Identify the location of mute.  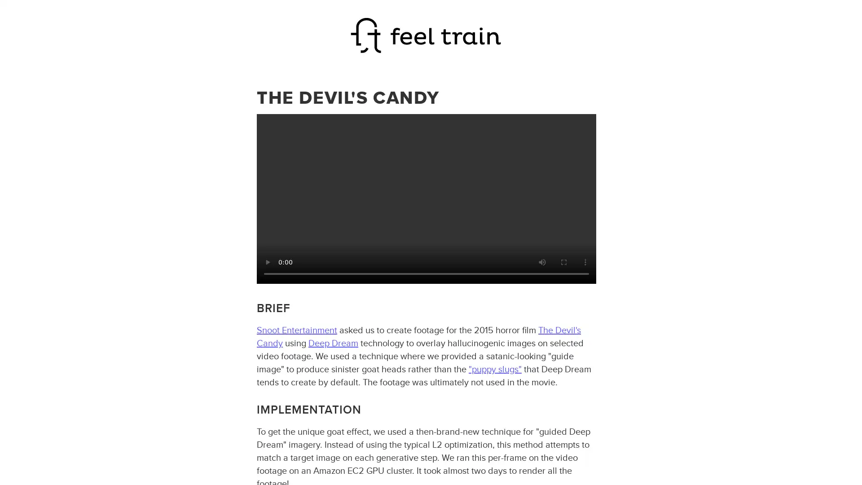
(541, 262).